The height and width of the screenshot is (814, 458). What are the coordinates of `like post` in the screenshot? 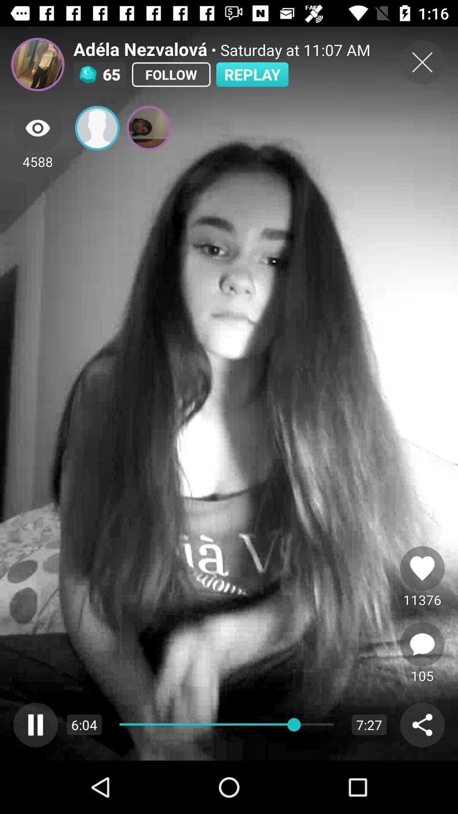 It's located at (422, 568).